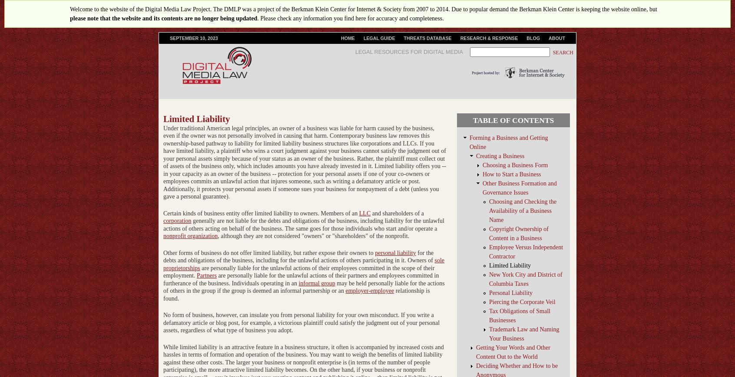 The height and width of the screenshot is (377, 735). I want to click on 'Legal Guide', so click(378, 38).